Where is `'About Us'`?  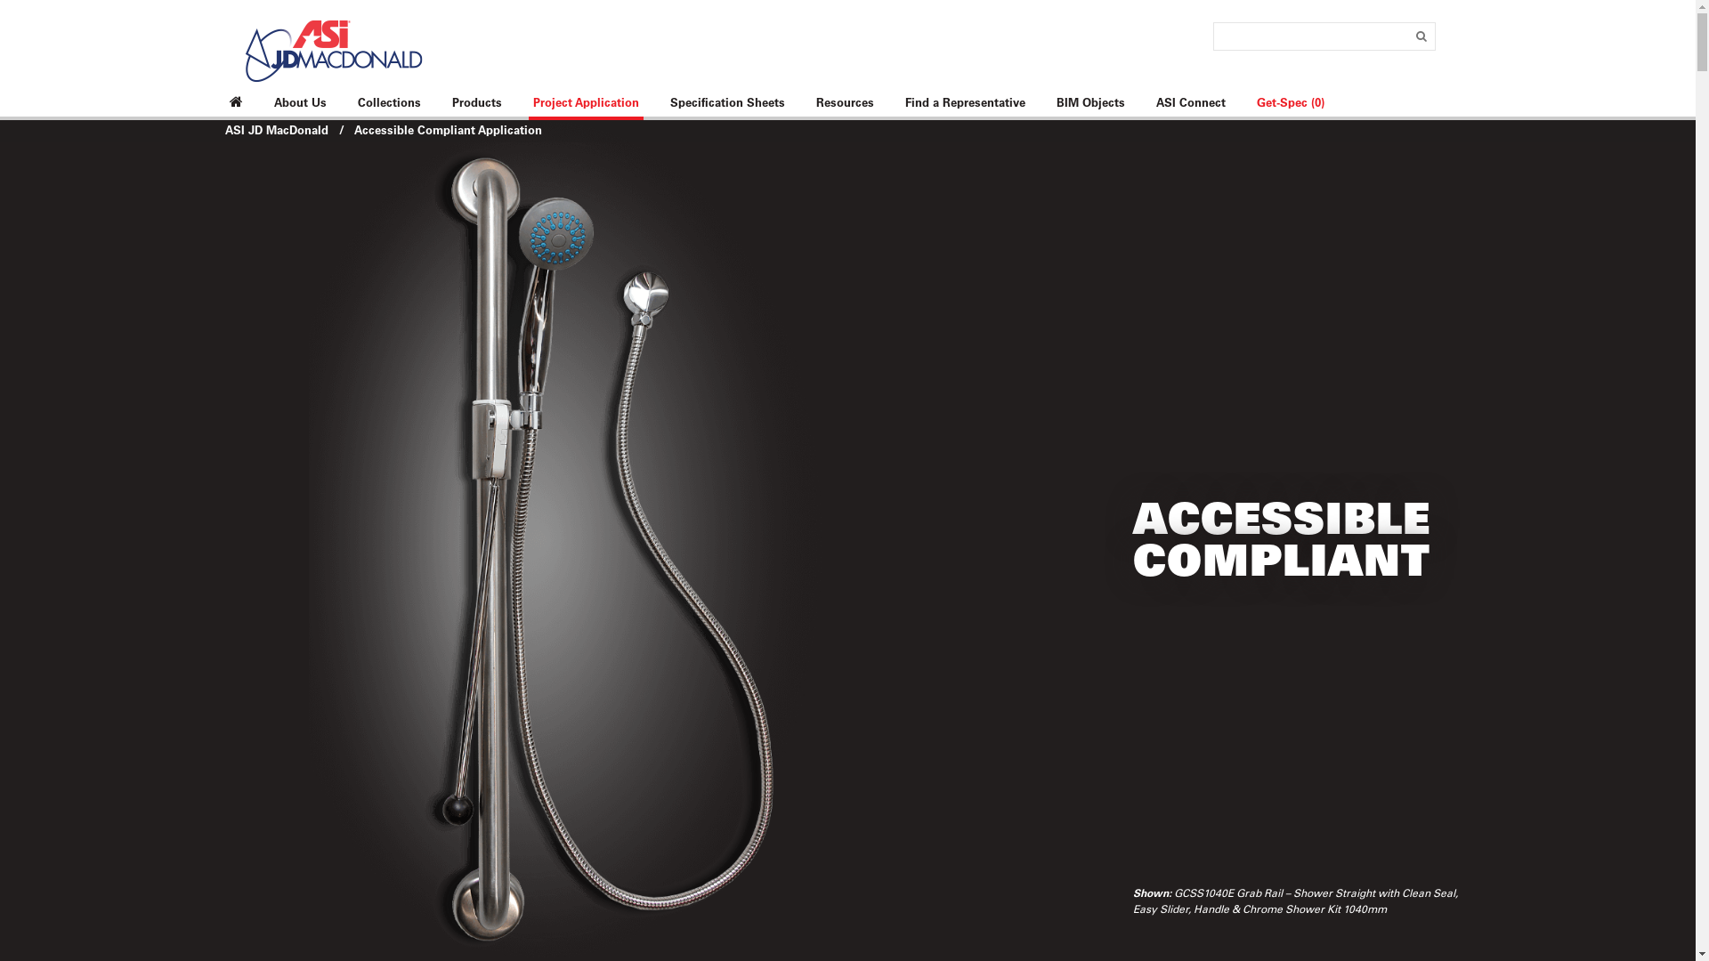
'About Us' is located at coordinates (299, 102).